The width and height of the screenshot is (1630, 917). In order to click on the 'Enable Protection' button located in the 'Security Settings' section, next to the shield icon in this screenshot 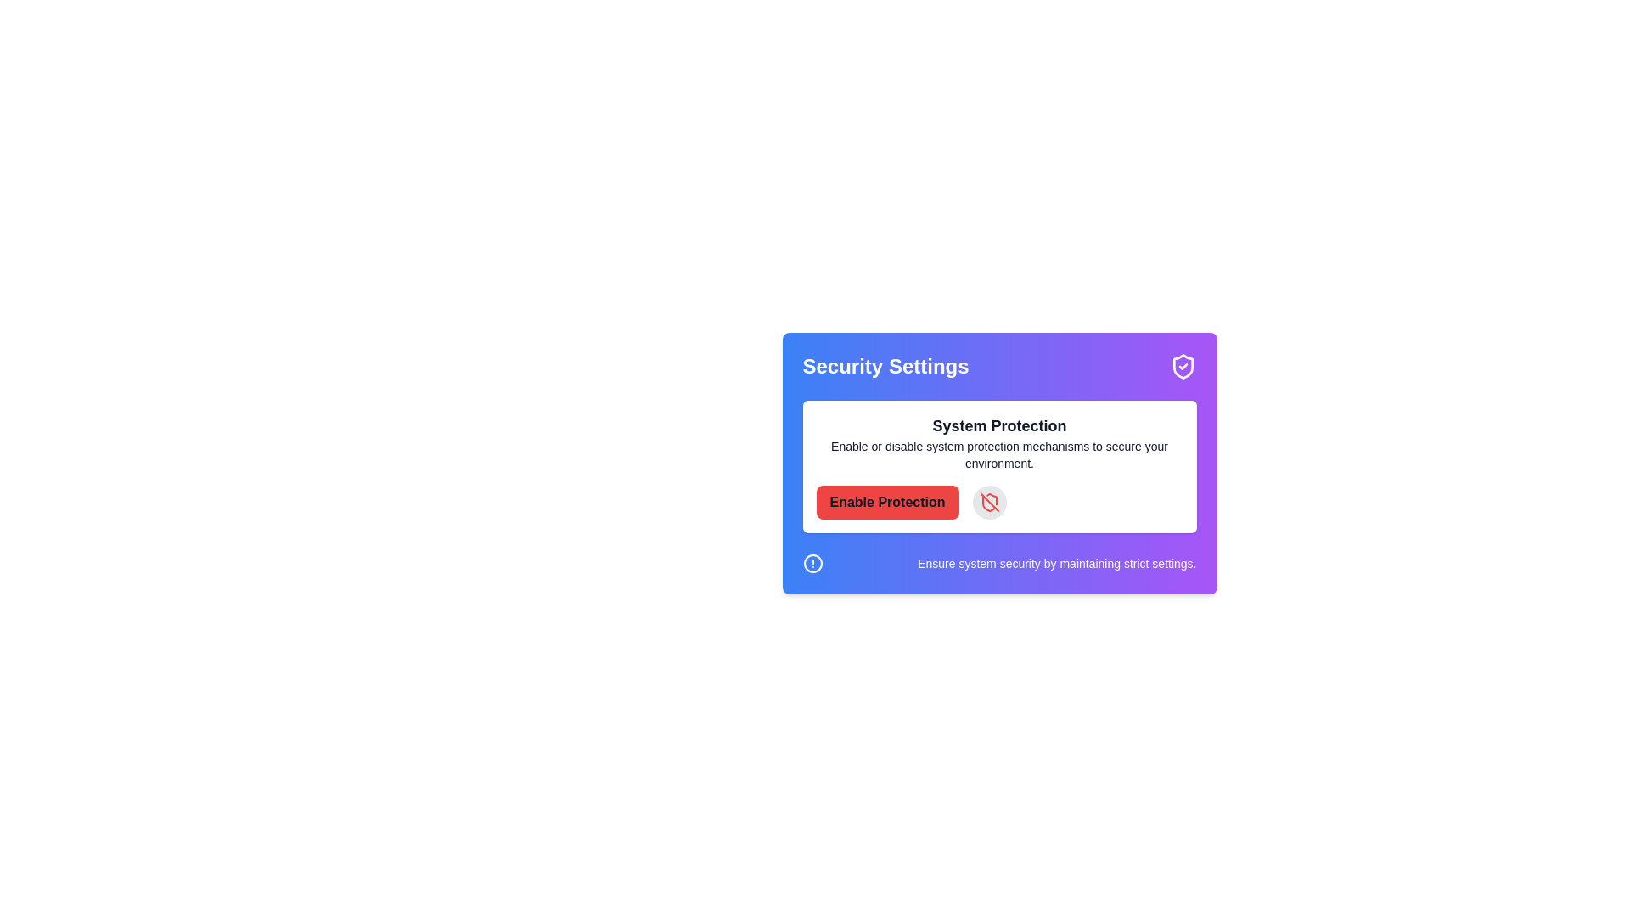, I will do `click(886, 501)`.